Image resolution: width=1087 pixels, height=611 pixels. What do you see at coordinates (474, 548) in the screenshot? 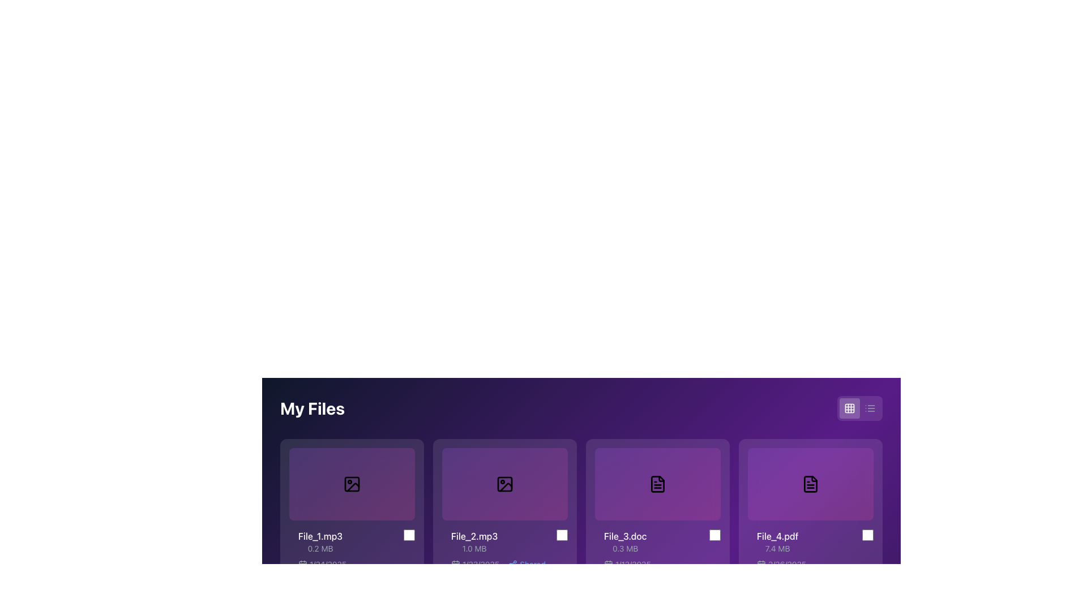
I see `the text label indicating the file size of 1.0 MB, which is located below the title text of the 'File_2.mp3' block in the second position of the file information gallery layout` at bounding box center [474, 548].